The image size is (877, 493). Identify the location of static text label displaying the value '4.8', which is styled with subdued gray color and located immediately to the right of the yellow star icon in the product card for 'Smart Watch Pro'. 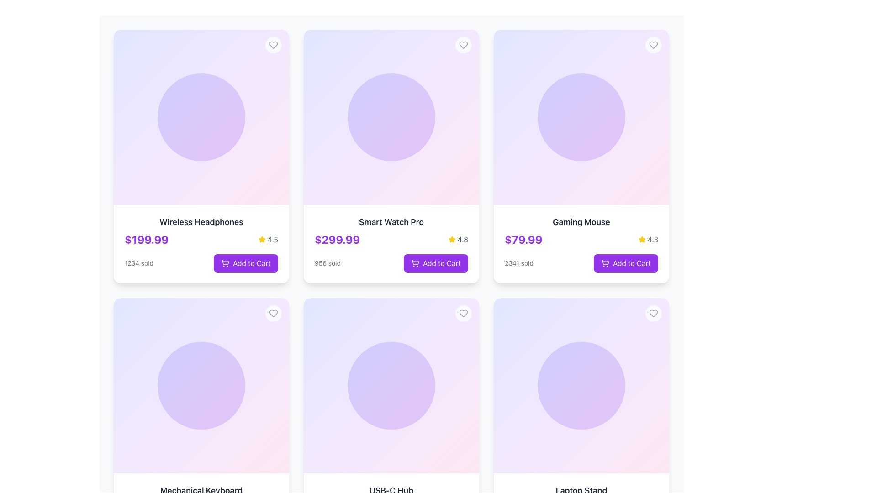
(463, 239).